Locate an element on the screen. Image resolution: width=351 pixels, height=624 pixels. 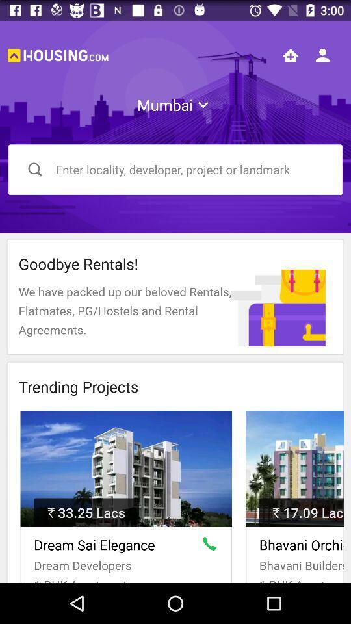
choose profile is located at coordinates (322, 55).